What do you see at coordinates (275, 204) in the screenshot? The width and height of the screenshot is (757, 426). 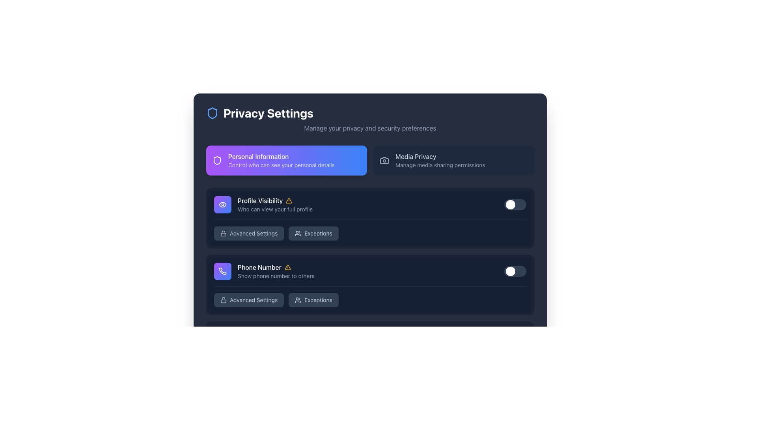 I see `and interpret the information presented in the informational label with an icon about the visibility status of the user's profile, located in the middle card under 'Privacy Settings'` at bounding box center [275, 204].